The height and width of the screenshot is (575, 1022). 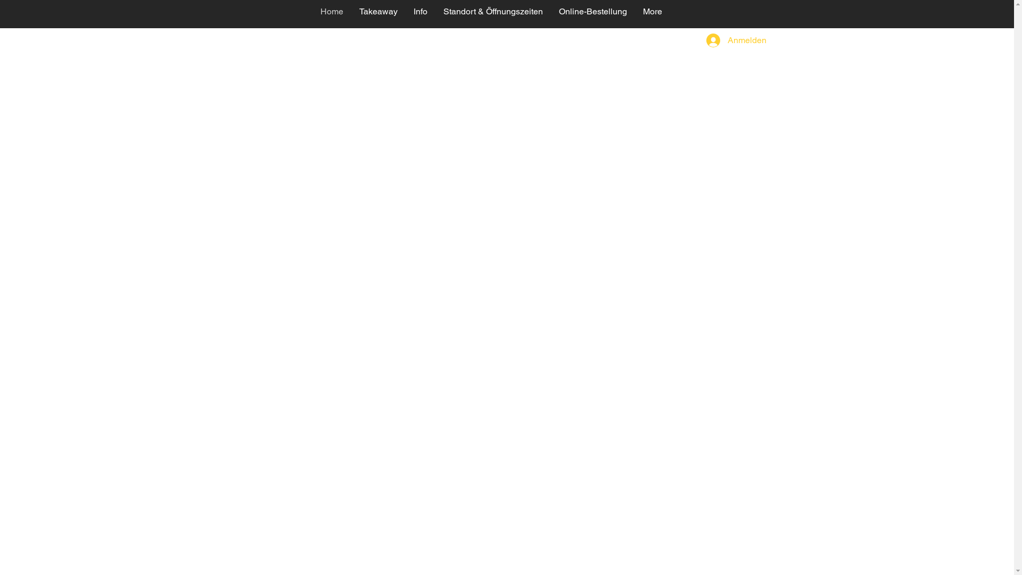 I want to click on 'Online-Bestellung', so click(x=550, y=13).